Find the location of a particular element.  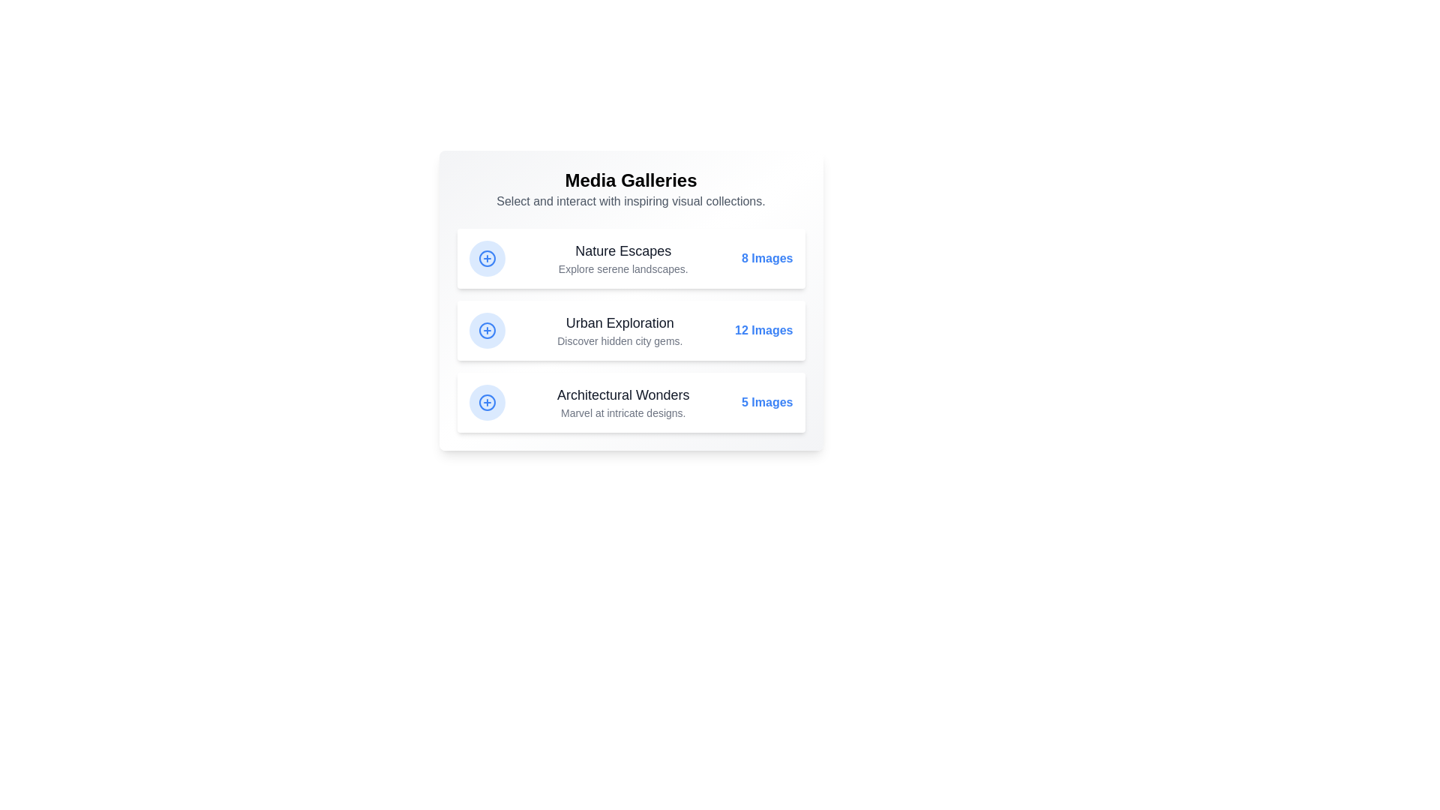

the gallery Nature Escapes is located at coordinates (631, 257).